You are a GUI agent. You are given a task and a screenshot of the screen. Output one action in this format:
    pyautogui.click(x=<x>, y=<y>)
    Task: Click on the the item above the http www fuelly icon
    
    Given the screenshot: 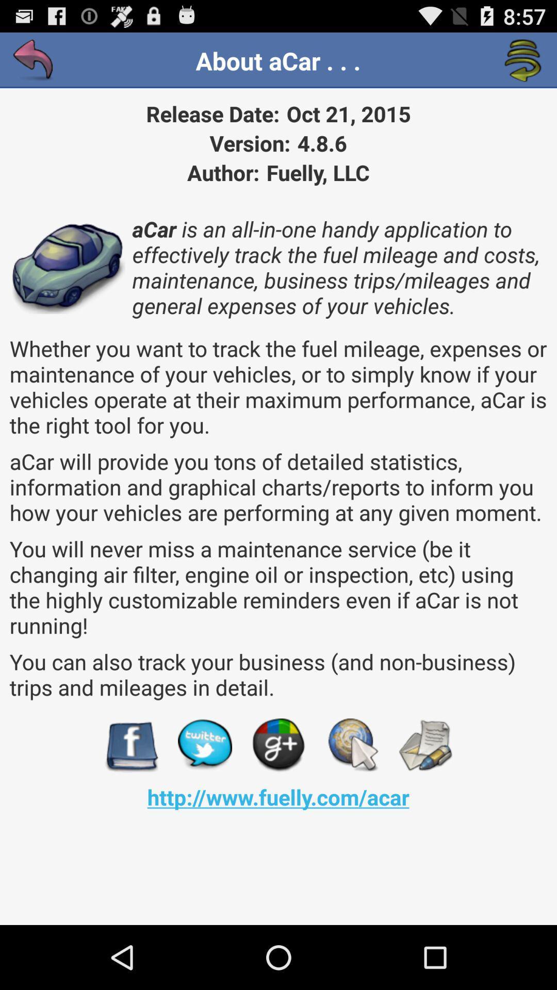 What is the action you would take?
    pyautogui.click(x=205, y=745)
    